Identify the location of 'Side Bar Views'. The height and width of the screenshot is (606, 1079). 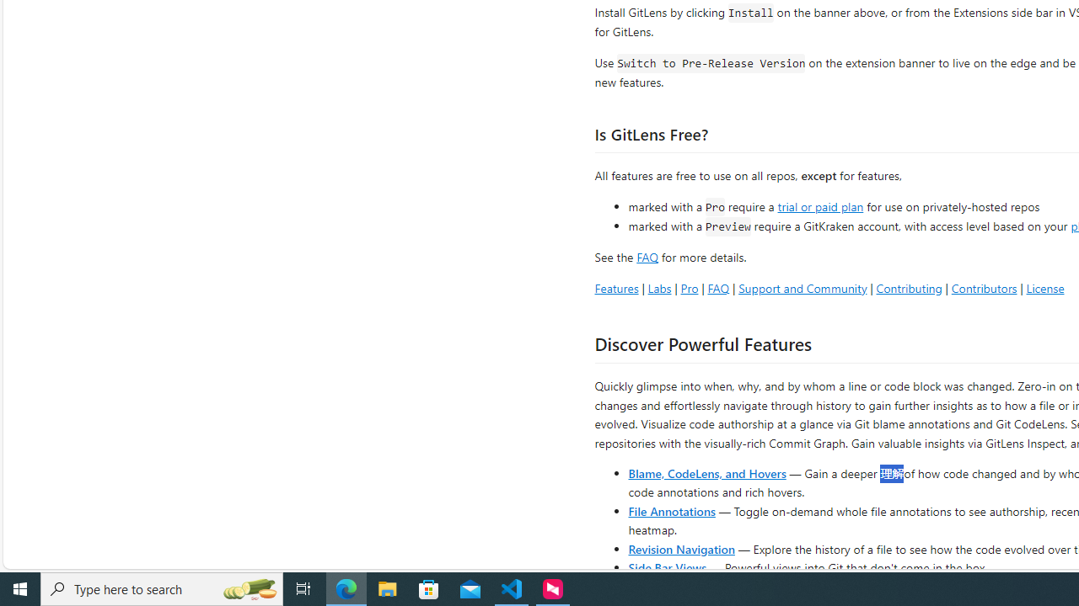
(666, 566).